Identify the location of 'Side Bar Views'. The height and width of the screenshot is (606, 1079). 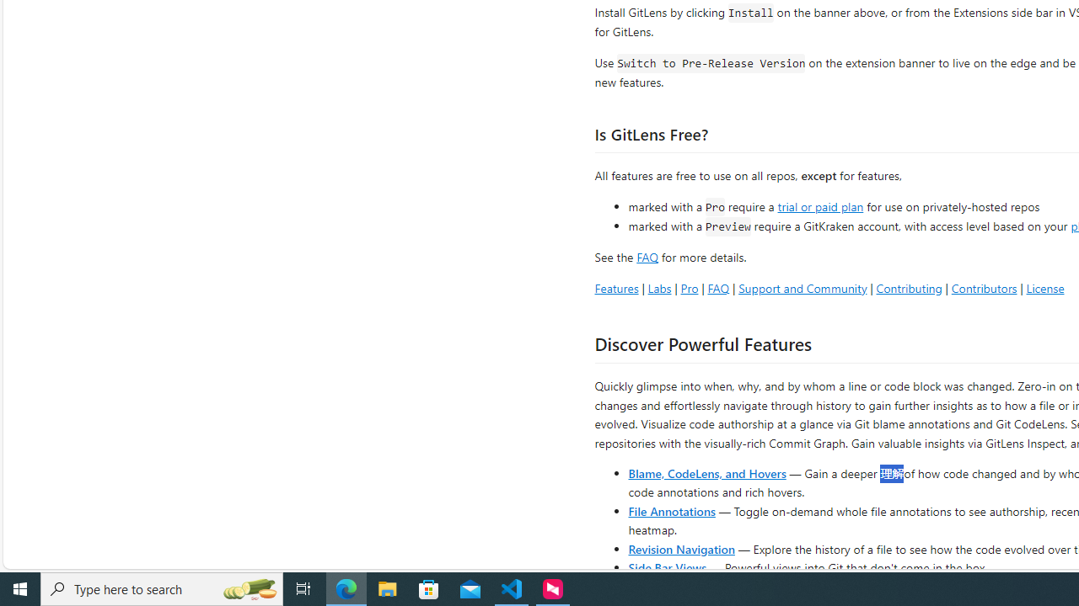
(666, 566).